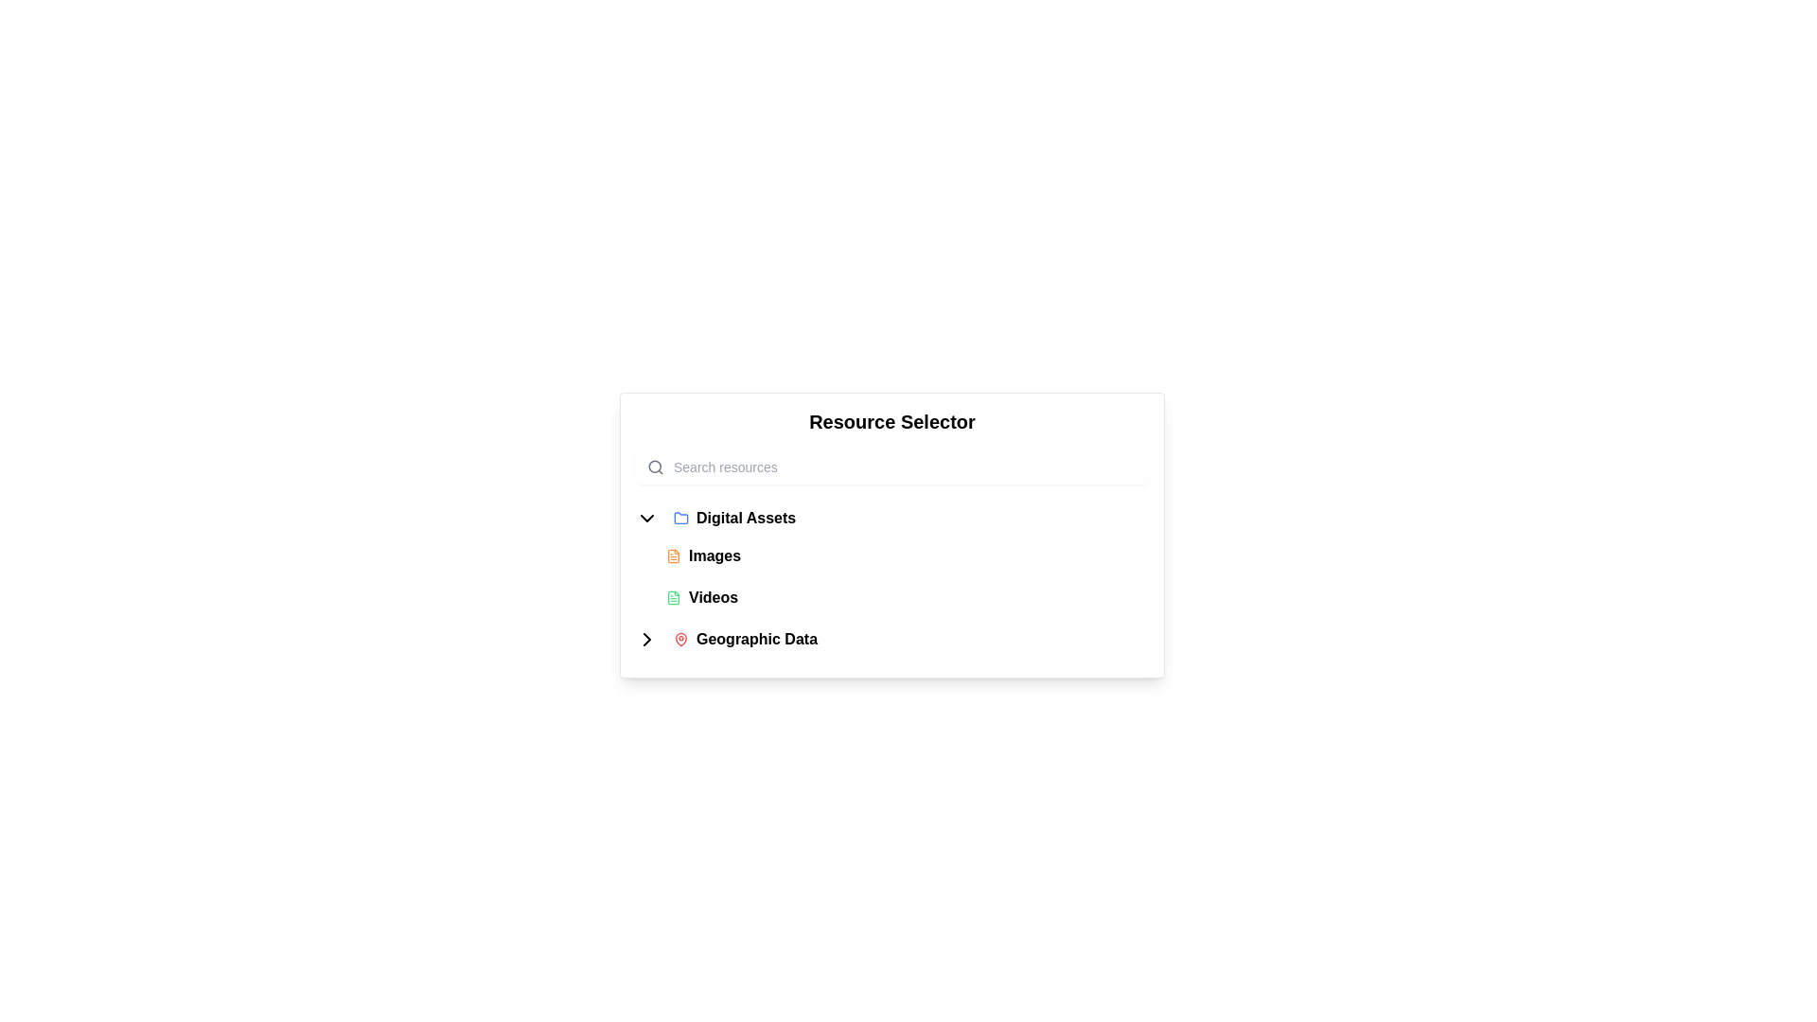  I want to click on the icon representing the geographic data resource option located next to the 'Geographic Data' label in the navigation menu to read its associated label, so click(681, 639).